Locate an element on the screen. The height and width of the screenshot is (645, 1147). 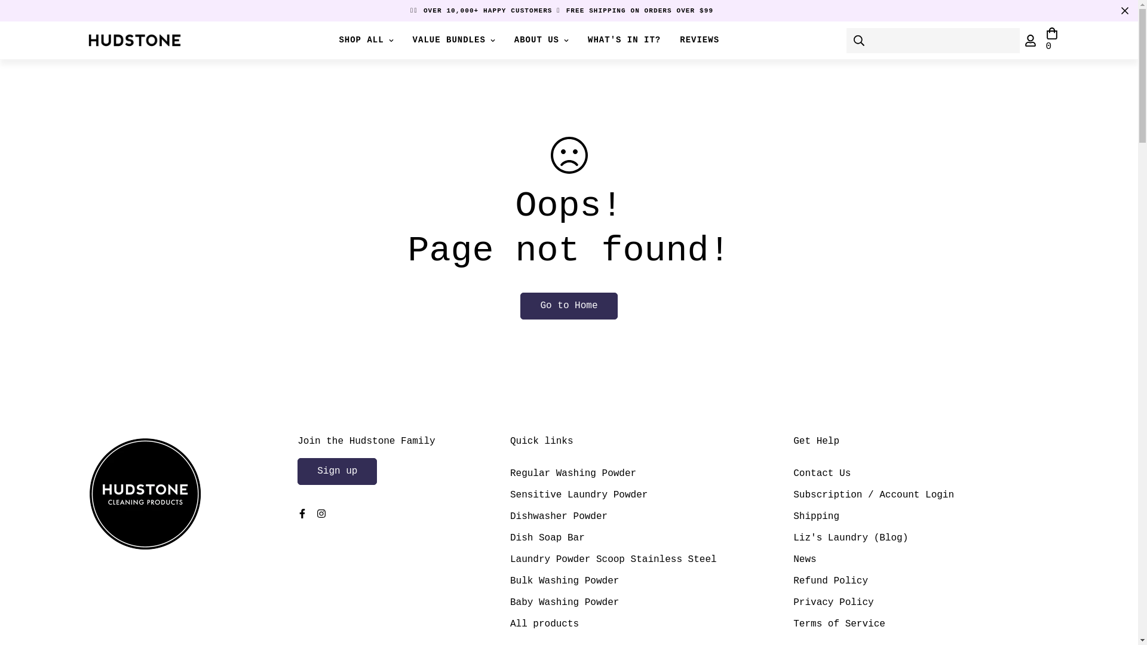
'Dishwasher Powder' is located at coordinates (558, 515).